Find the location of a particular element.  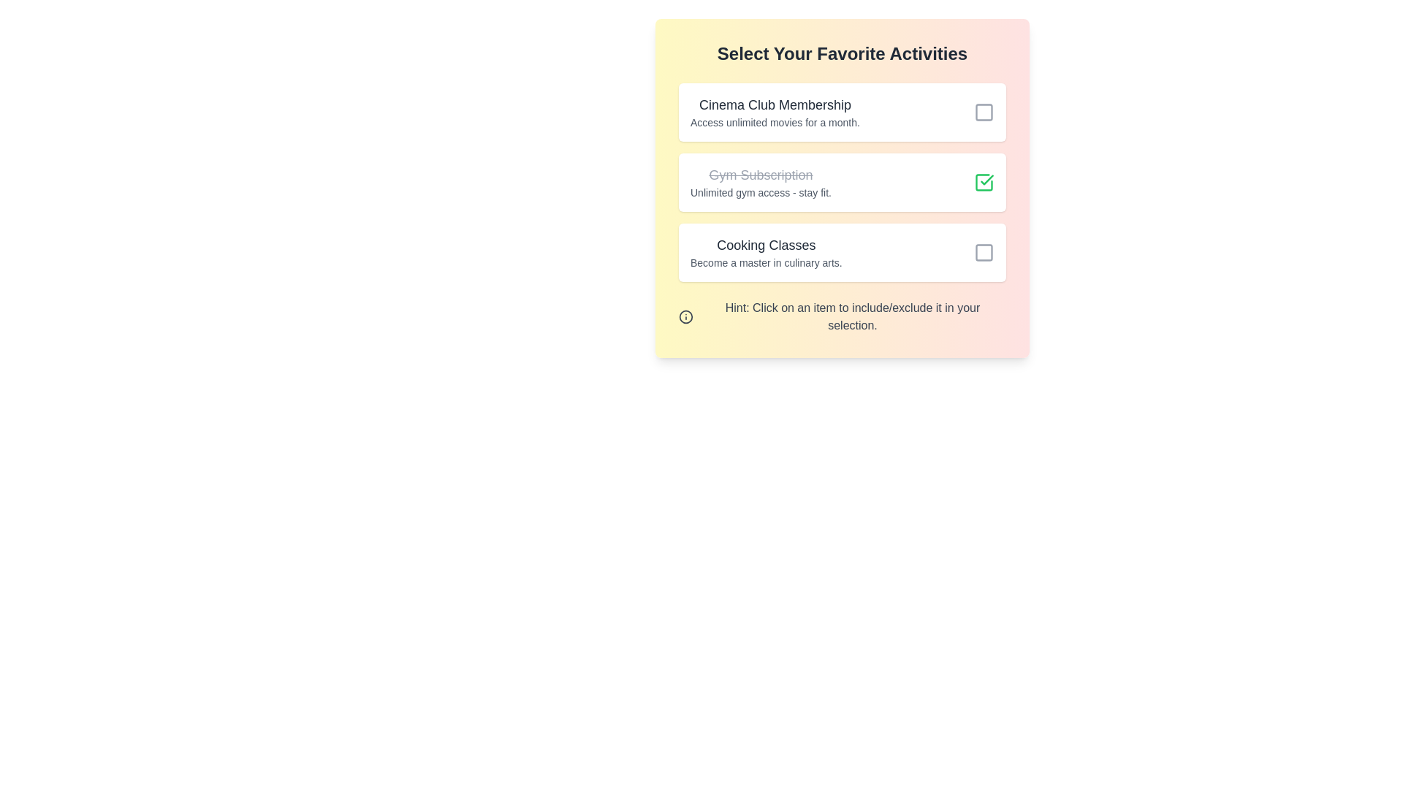

the checkbox indicator located is located at coordinates (984, 252).